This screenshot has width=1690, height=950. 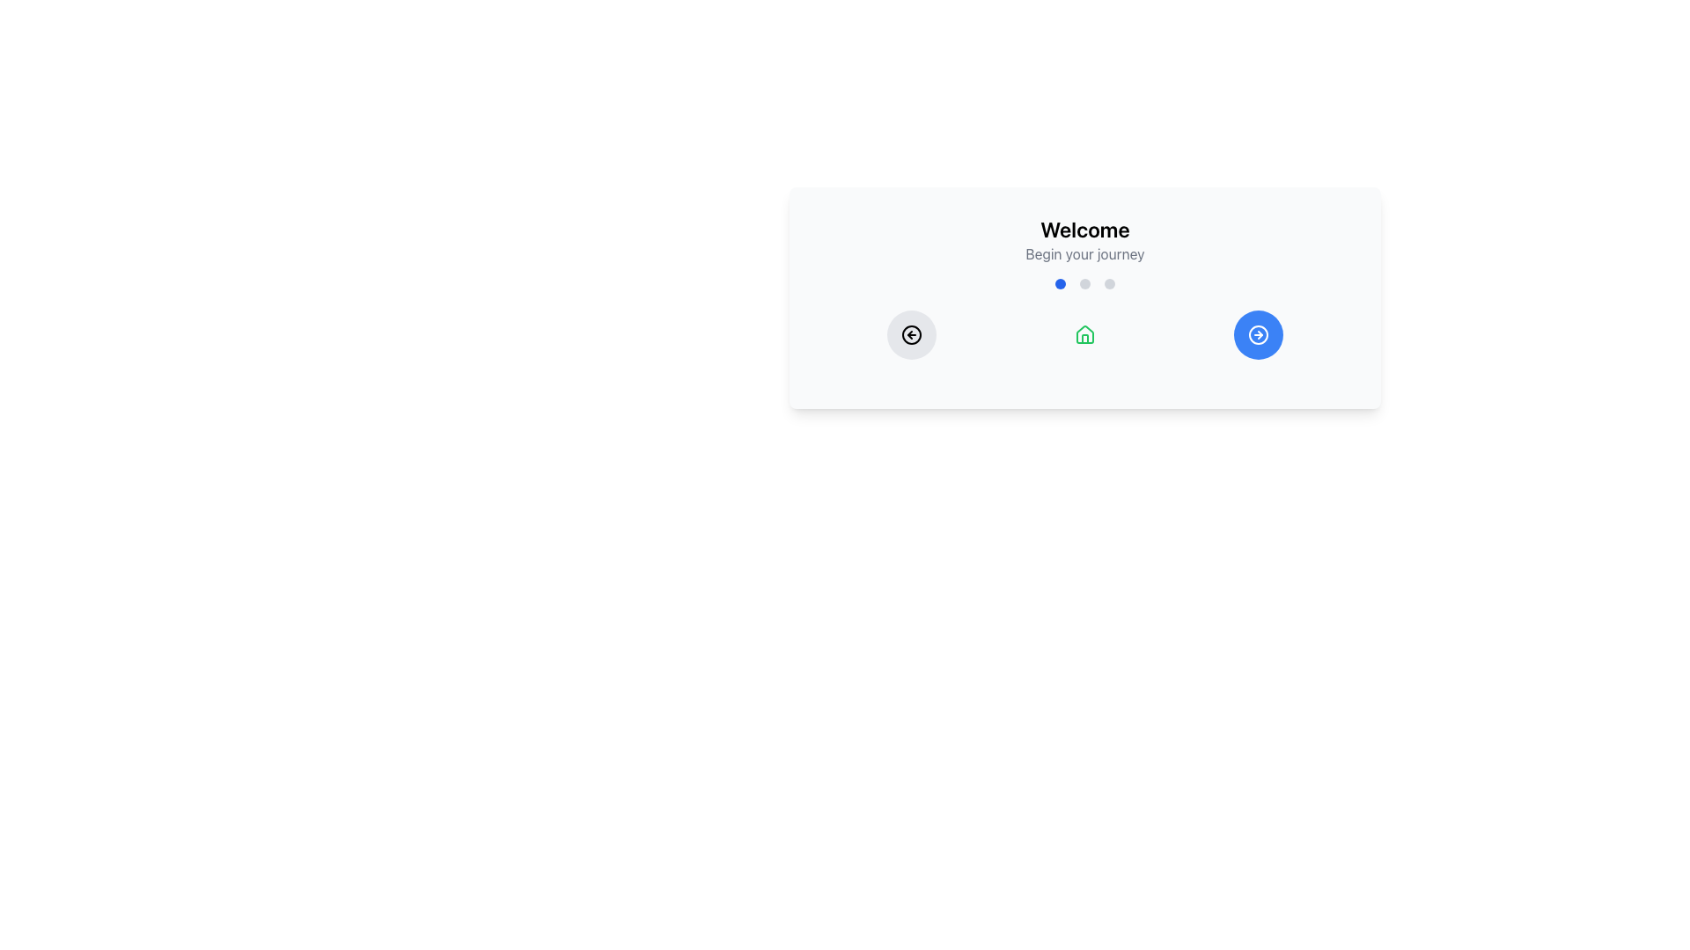 What do you see at coordinates (911, 335) in the screenshot?
I see `the left-pointing arrow button, which is a circular icon with a minimalist design located within a larger circular button with a light gray background` at bounding box center [911, 335].